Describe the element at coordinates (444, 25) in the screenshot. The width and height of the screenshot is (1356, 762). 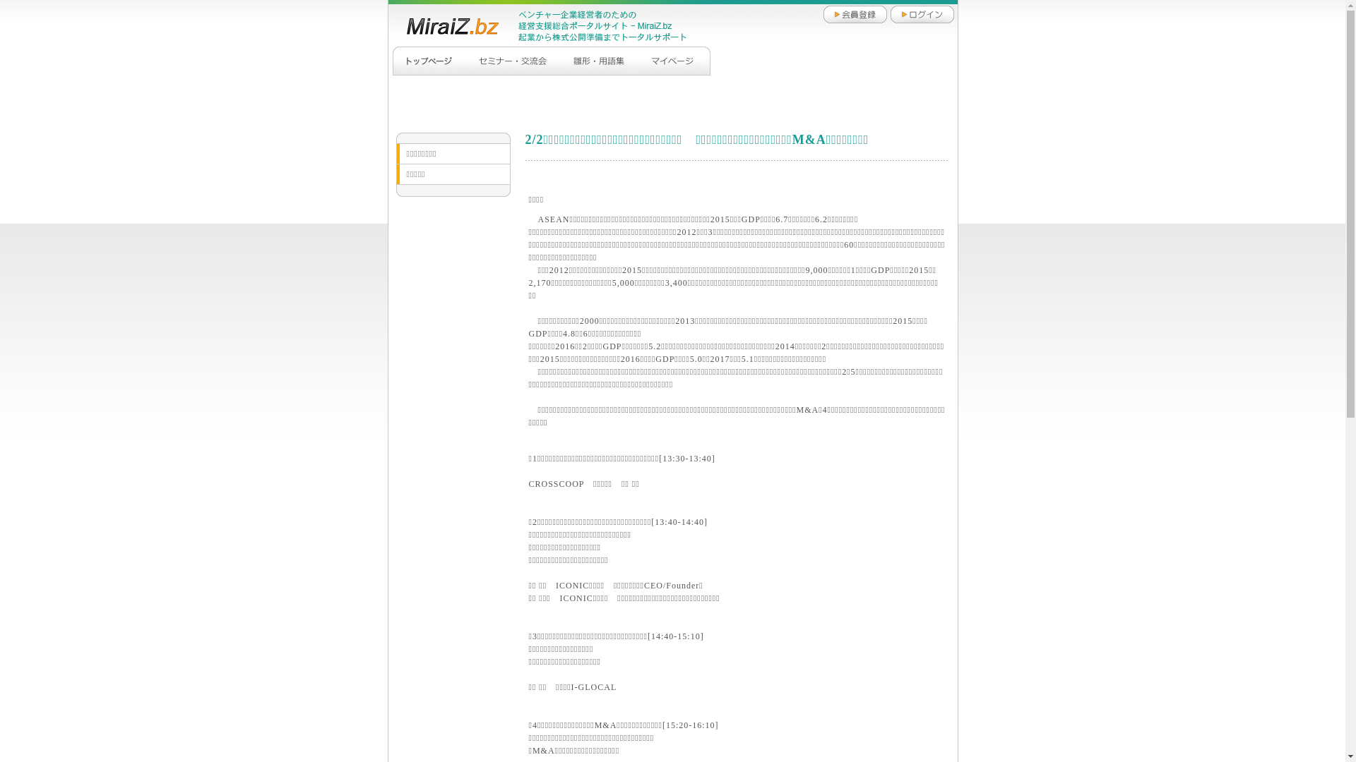
I see `'MiraiZ.bz'` at that location.